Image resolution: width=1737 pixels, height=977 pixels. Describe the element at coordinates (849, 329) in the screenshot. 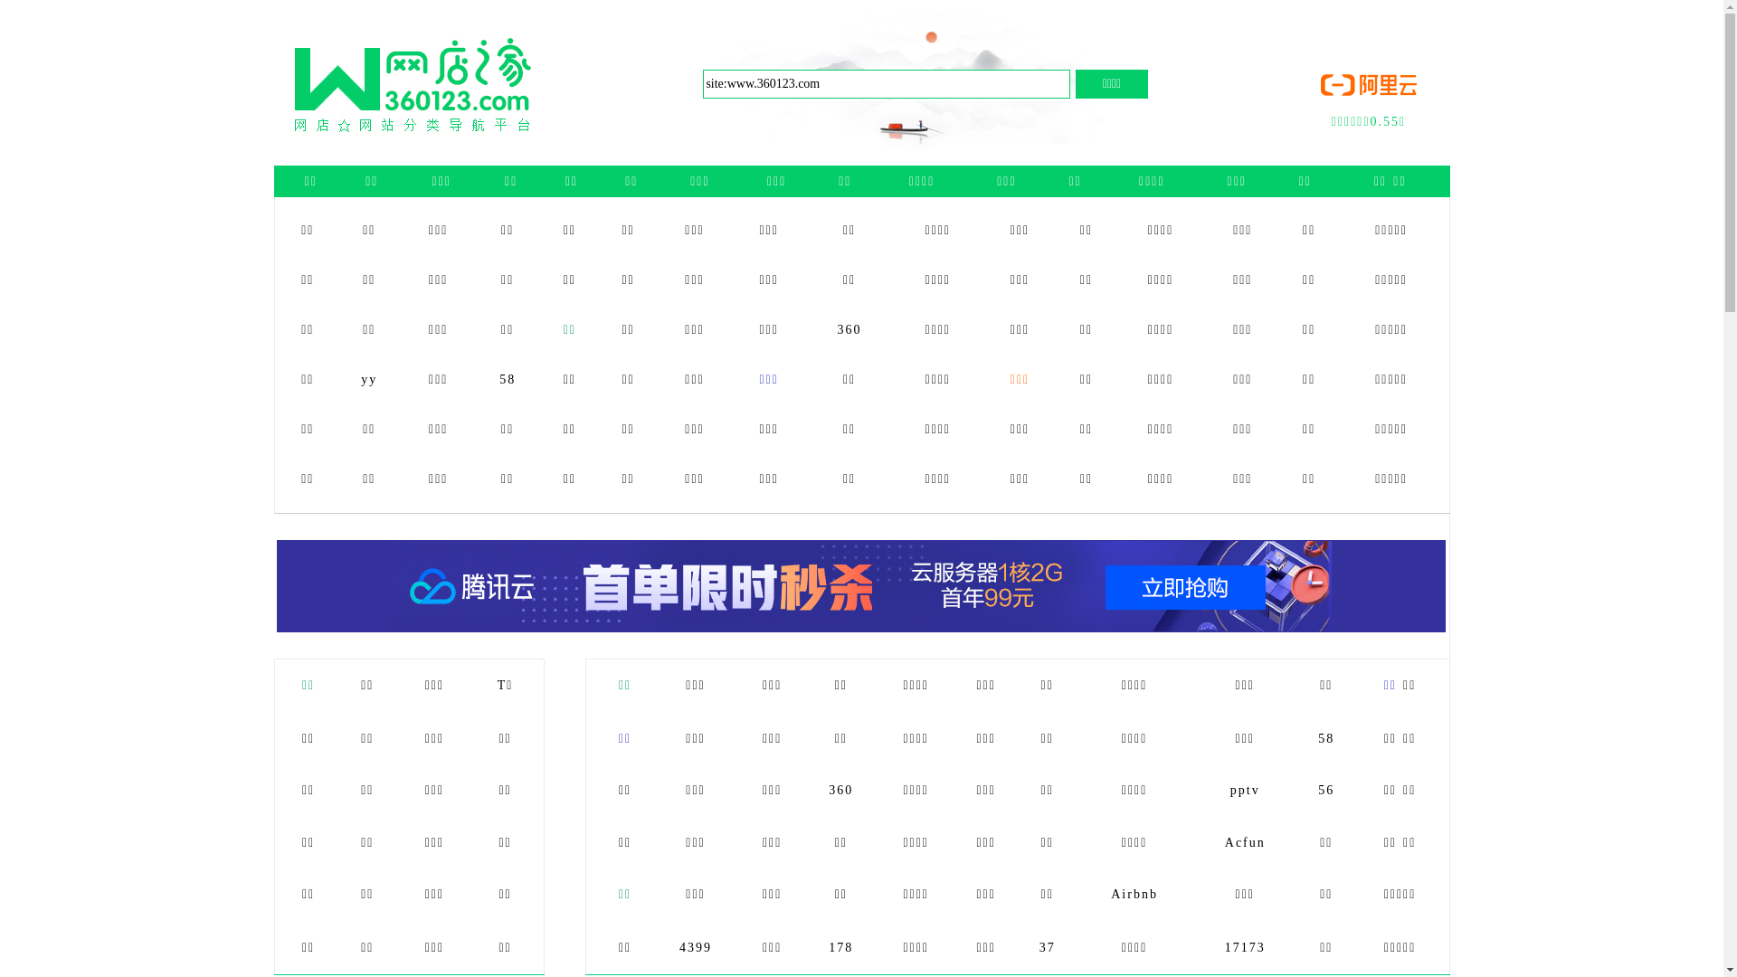

I see `'360'` at that location.